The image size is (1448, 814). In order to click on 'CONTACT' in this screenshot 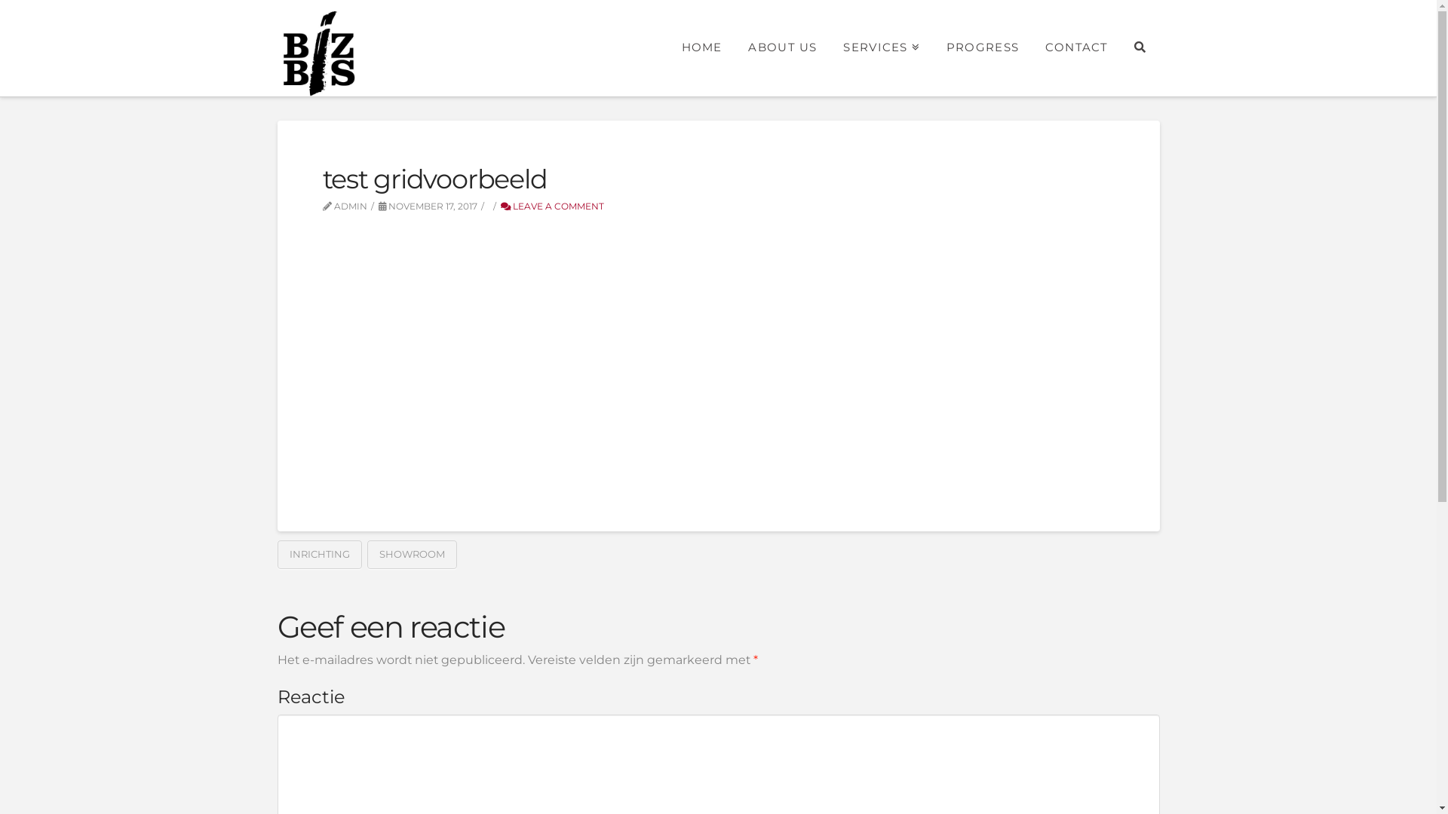, I will do `click(1075, 44)`.